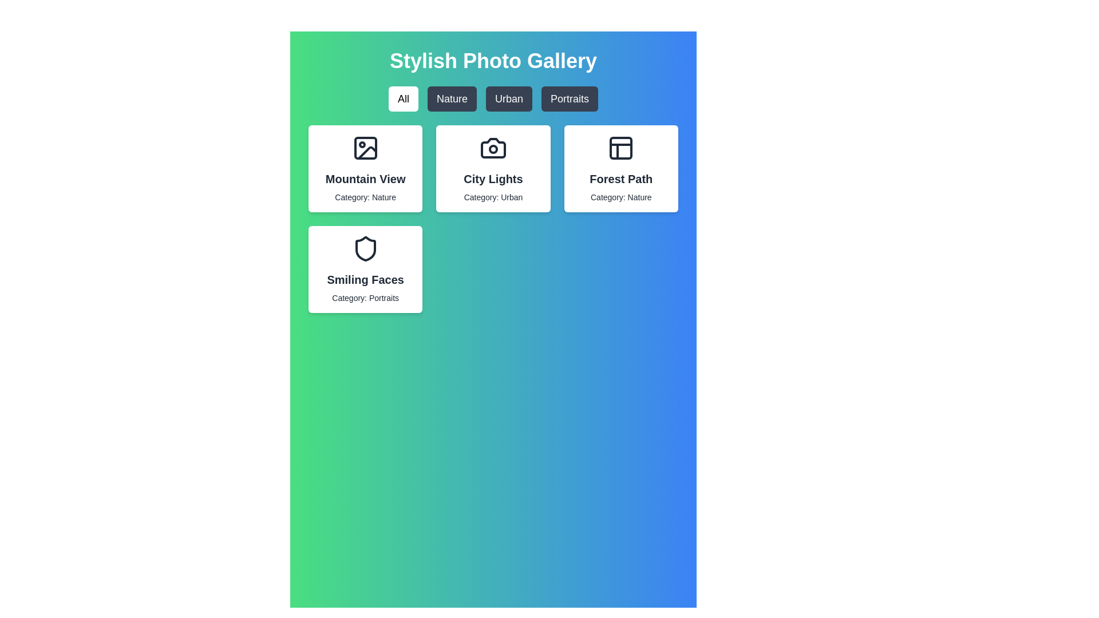 This screenshot has height=618, width=1099. Describe the element at coordinates (451, 98) in the screenshot. I see `the 'Nature' button, which is a rectangular button with white text on a dark gray background` at that location.